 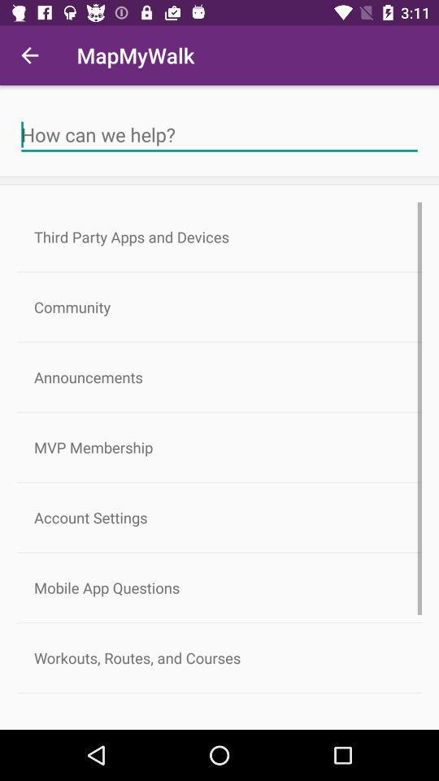 What do you see at coordinates (219, 447) in the screenshot?
I see `icon above account settings item` at bounding box center [219, 447].